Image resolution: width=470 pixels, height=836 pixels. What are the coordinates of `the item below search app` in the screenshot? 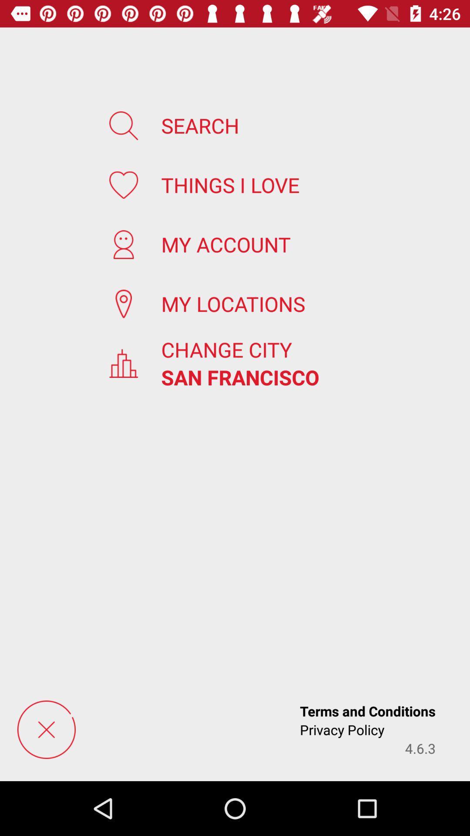 It's located at (230, 184).